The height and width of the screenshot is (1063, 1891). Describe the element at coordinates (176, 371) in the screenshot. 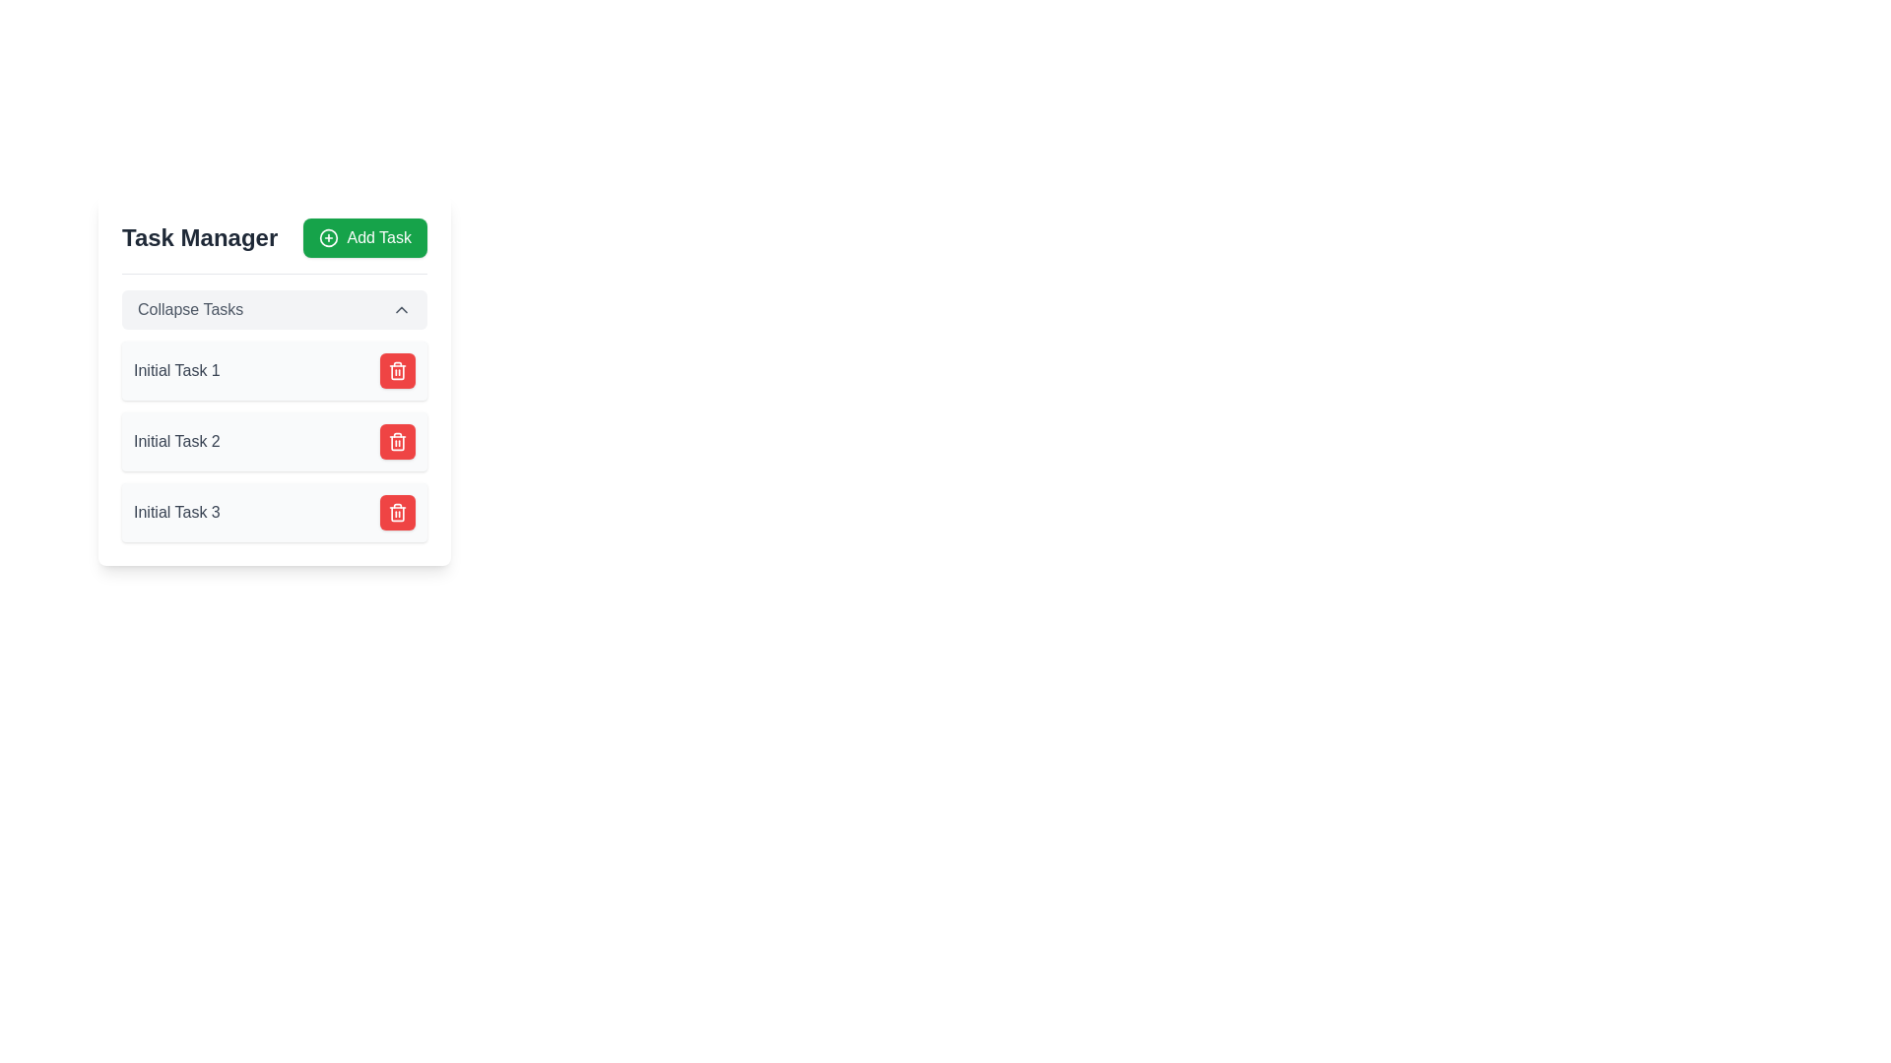

I see `the text label that identifies the specific task in the first row of the Task Manager list, positioned to the left of the delete icon button` at that location.